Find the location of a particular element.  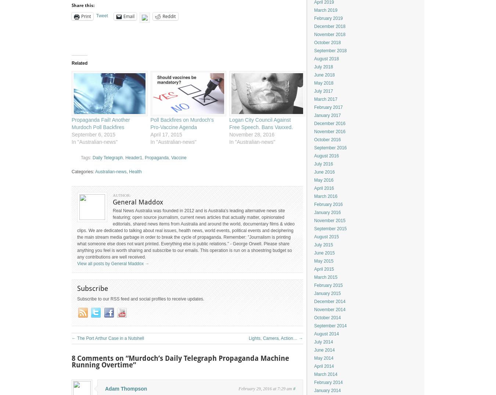

'January 2014' is located at coordinates (327, 390).